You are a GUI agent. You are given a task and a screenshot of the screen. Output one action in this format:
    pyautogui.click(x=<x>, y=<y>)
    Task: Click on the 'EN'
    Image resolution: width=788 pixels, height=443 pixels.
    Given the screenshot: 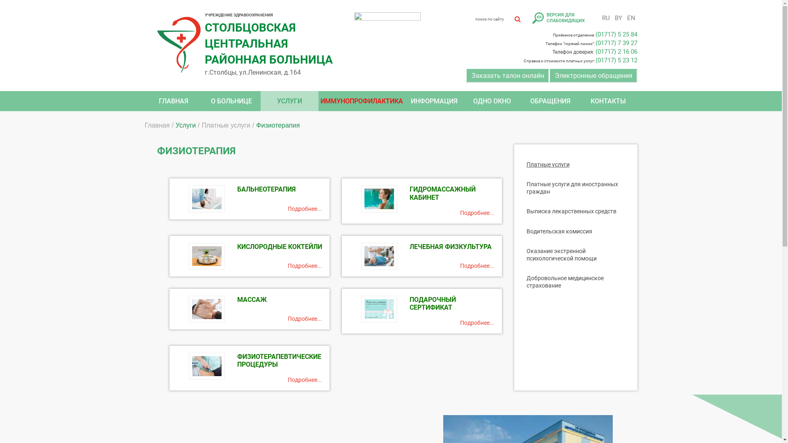 What is the action you would take?
    pyautogui.click(x=624, y=18)
    